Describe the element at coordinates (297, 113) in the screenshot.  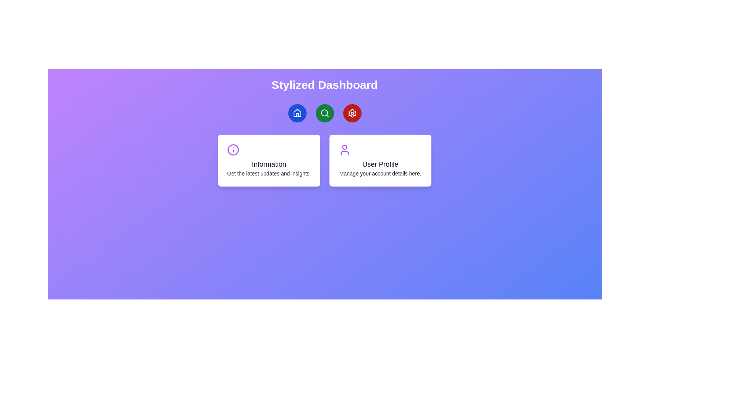
I see `the house-shaped icon inside the blue circular button, which is the first icon from the left in a horizontal row located below the 'Stylized Dashboard' heading` at that location.